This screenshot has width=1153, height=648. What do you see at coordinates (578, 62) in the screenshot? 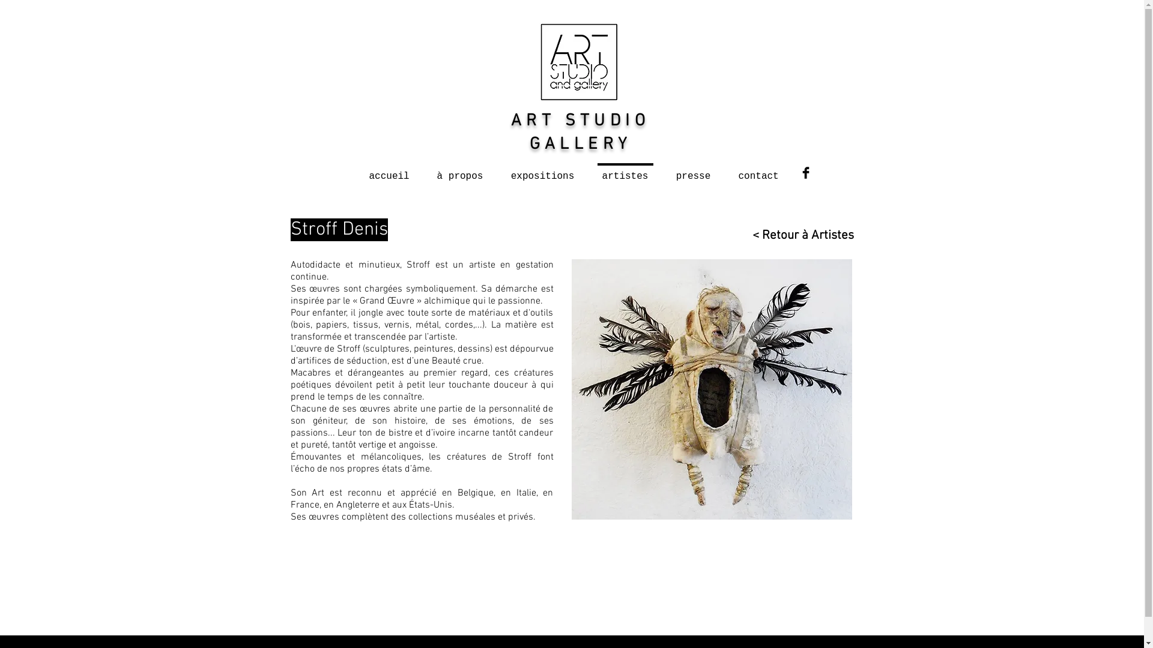
I see `'artstudio-2x2.jpg'` at bounding box center [578, 62].